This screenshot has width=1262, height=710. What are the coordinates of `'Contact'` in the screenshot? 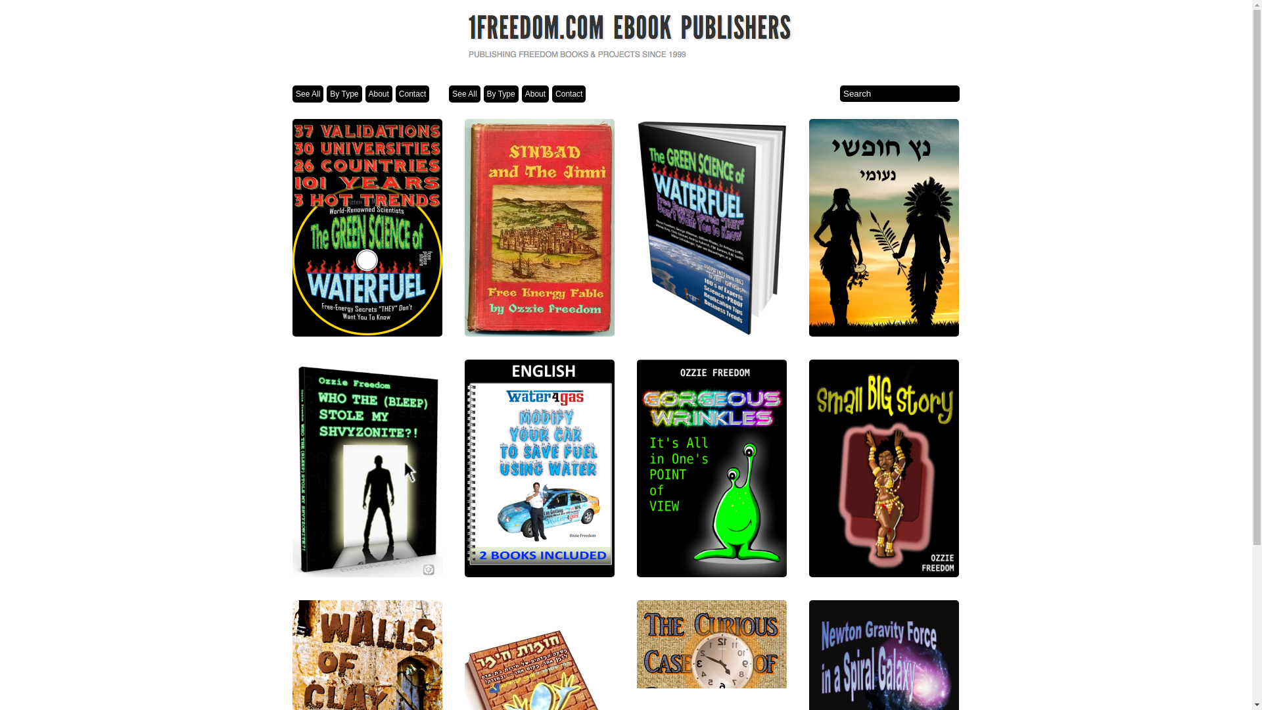 It's located at (394, 93).